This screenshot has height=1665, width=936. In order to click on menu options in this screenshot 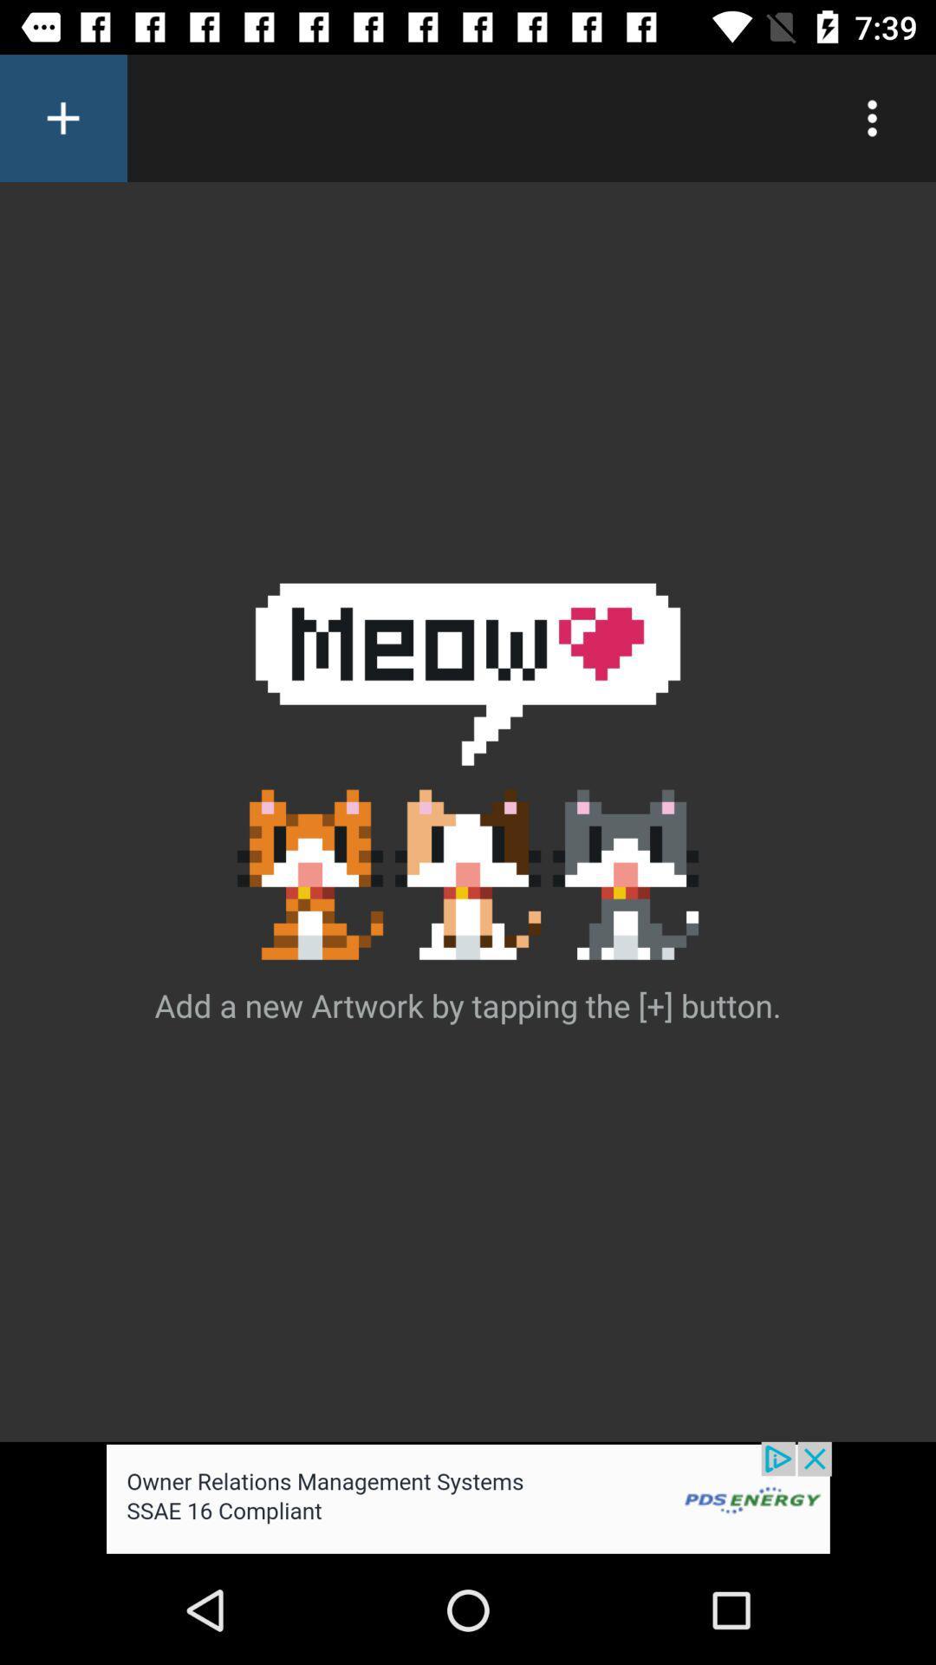, I will do `click(872, 117)`.